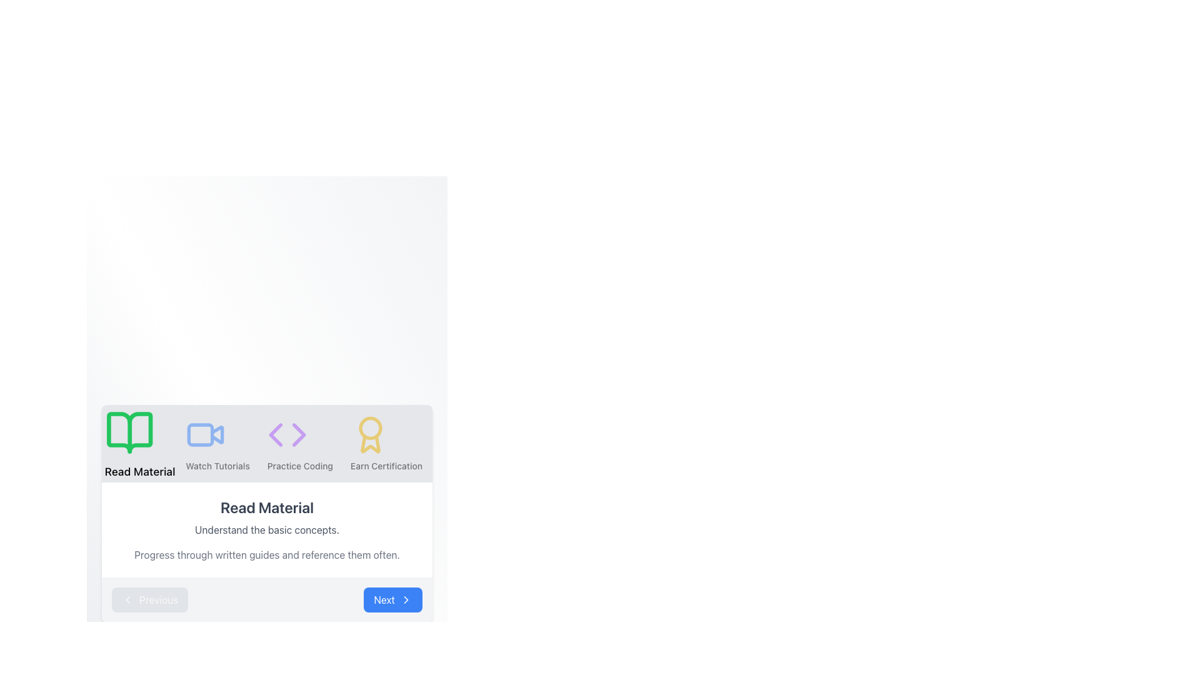  Describe the element at coordinates (369, 434) in the screenshot. I see `the 'Earn Certification' icon, which is the fourth item in a horizontal sequence of icons located in the top-right section of the grid` at that location.